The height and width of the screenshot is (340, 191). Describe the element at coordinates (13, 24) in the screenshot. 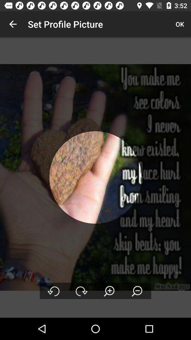

I see `icon at the top left corner` at that location.